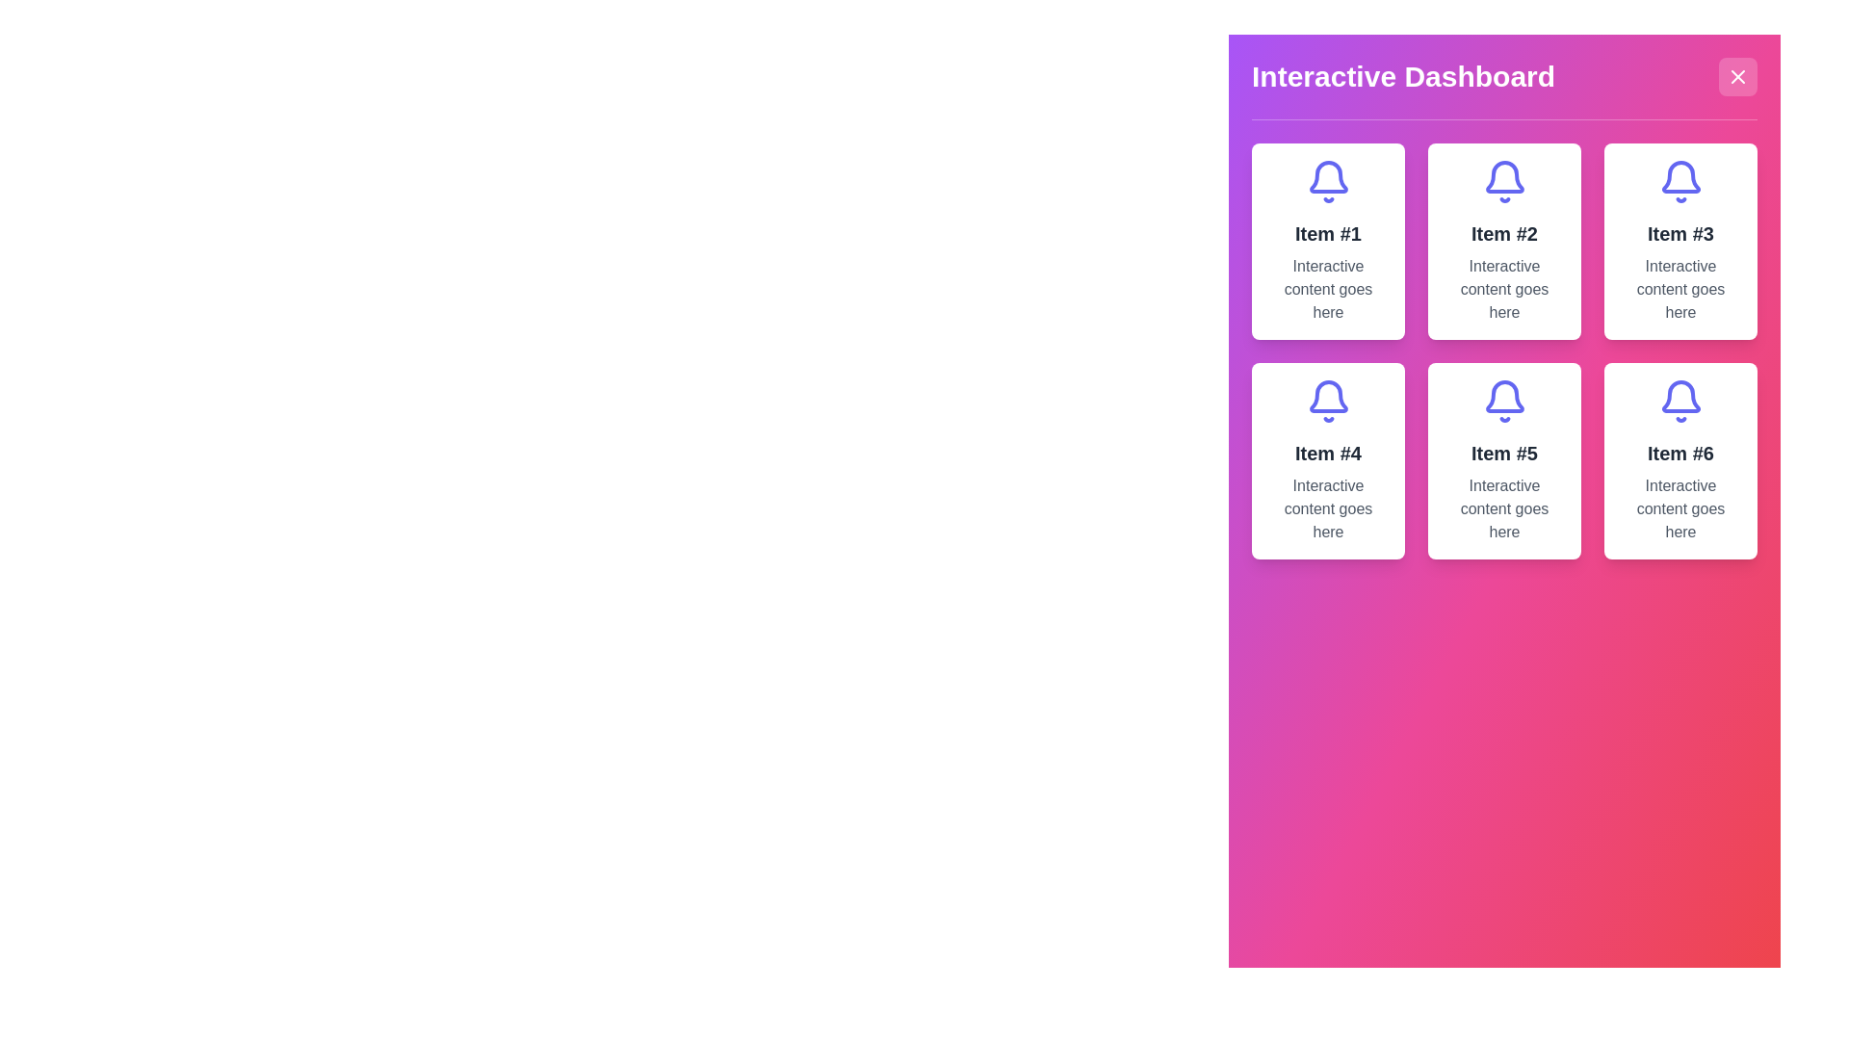  I want to click on the notification alert icon, which is the third icon in the top row of the 3x2 grid layout in the 'Interactive Dashboard' panel, positioned above 'Item #3', so click(1680, 182).